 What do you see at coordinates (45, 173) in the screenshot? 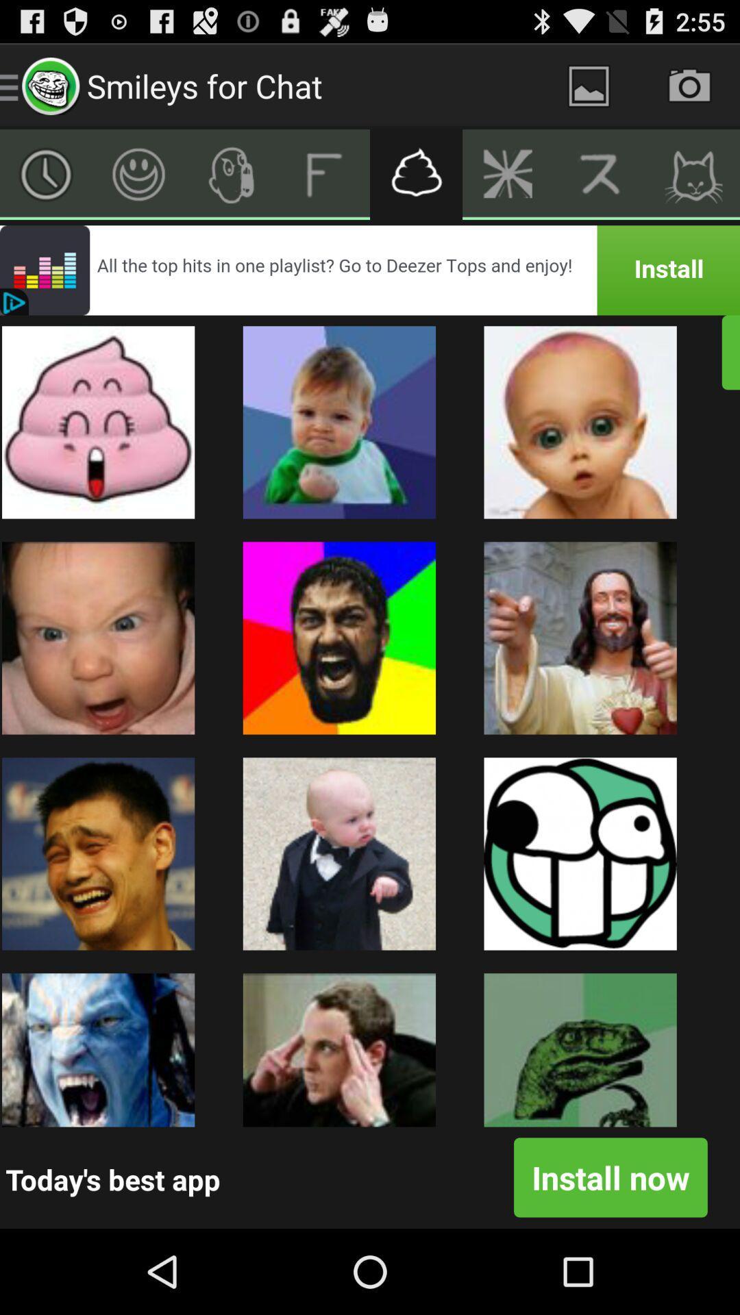
I see `recently used smileys` at bounding box center [45, 173].